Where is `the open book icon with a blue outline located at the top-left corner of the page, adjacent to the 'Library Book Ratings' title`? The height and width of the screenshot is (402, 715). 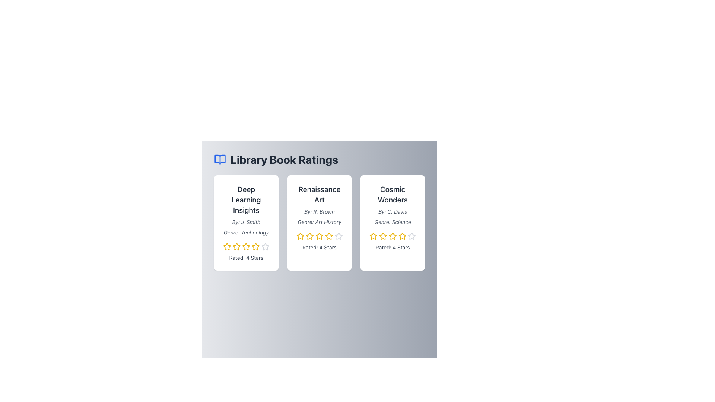
the open book icon with a blue outline located at the top-left corner of the page, adjacent to the 'Library Book Ratings' title is located at coordinates (219, 159).